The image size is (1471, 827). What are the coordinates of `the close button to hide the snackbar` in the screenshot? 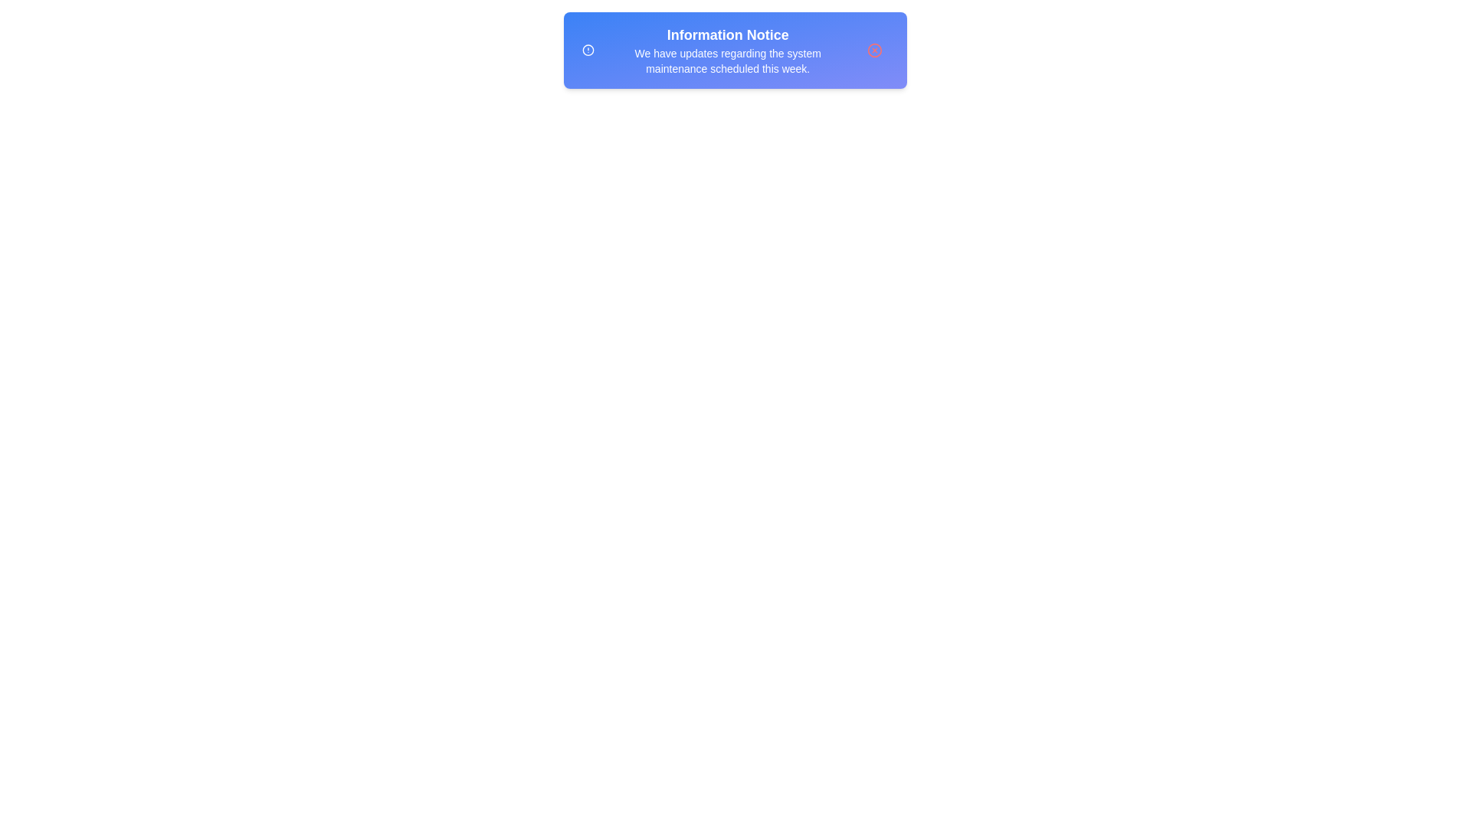 It's located at (875, 49).